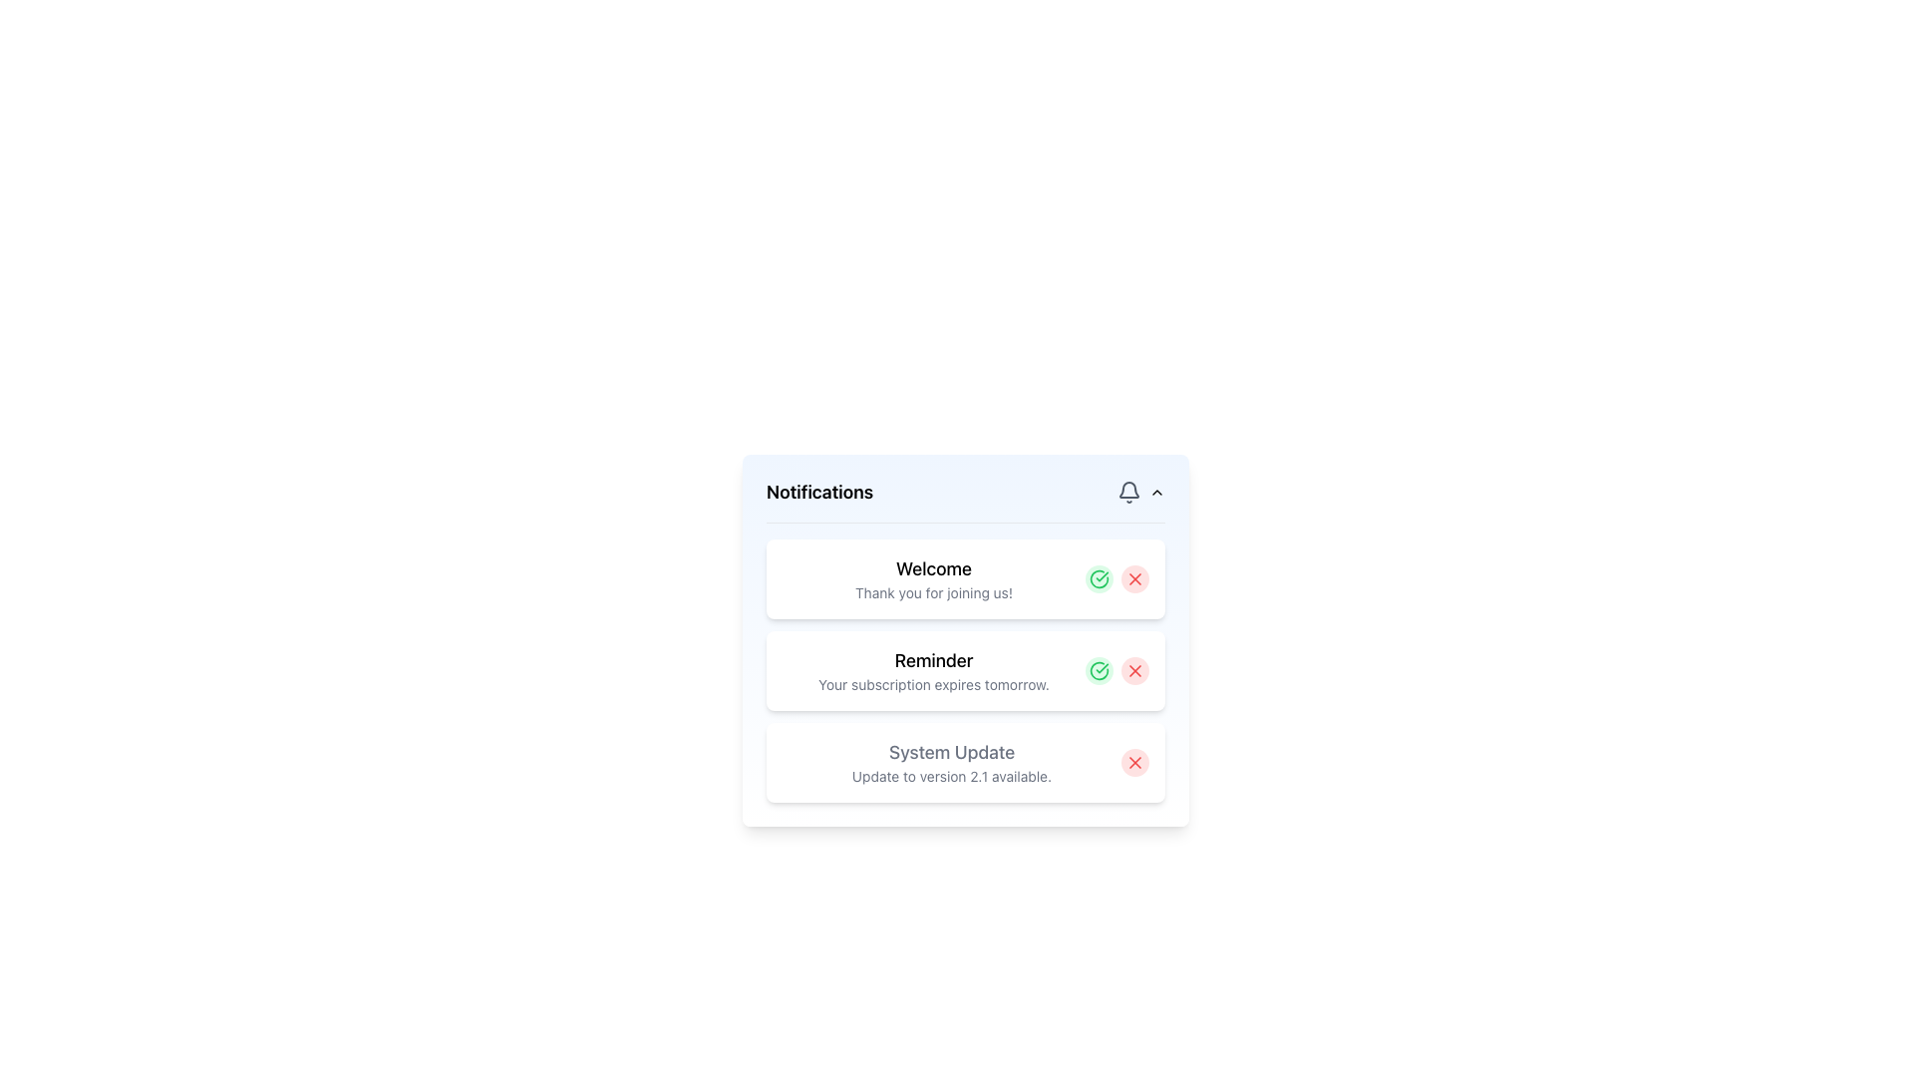 The image size is (1914, 1077). I want to click on the successful acknowledgment or verification icon located at the rightmost end of the notification titled 'Welcome', so click(1099, 670).